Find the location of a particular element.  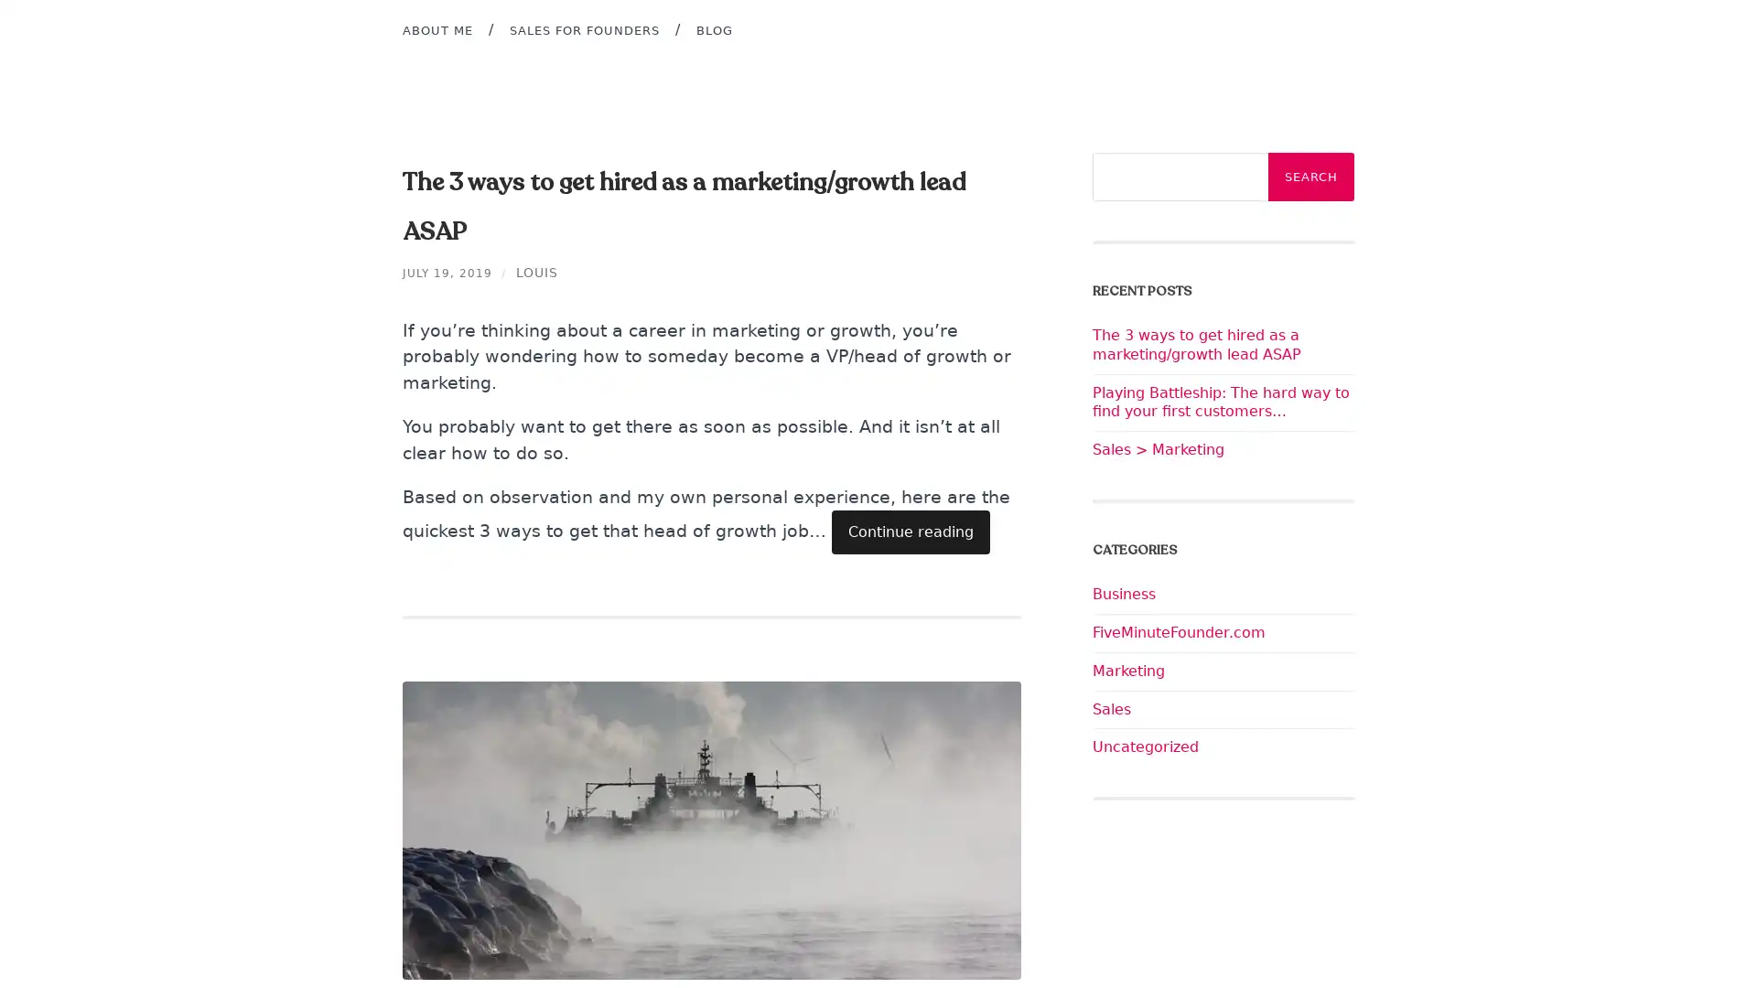

Search is located at coordinates (1310, 177).